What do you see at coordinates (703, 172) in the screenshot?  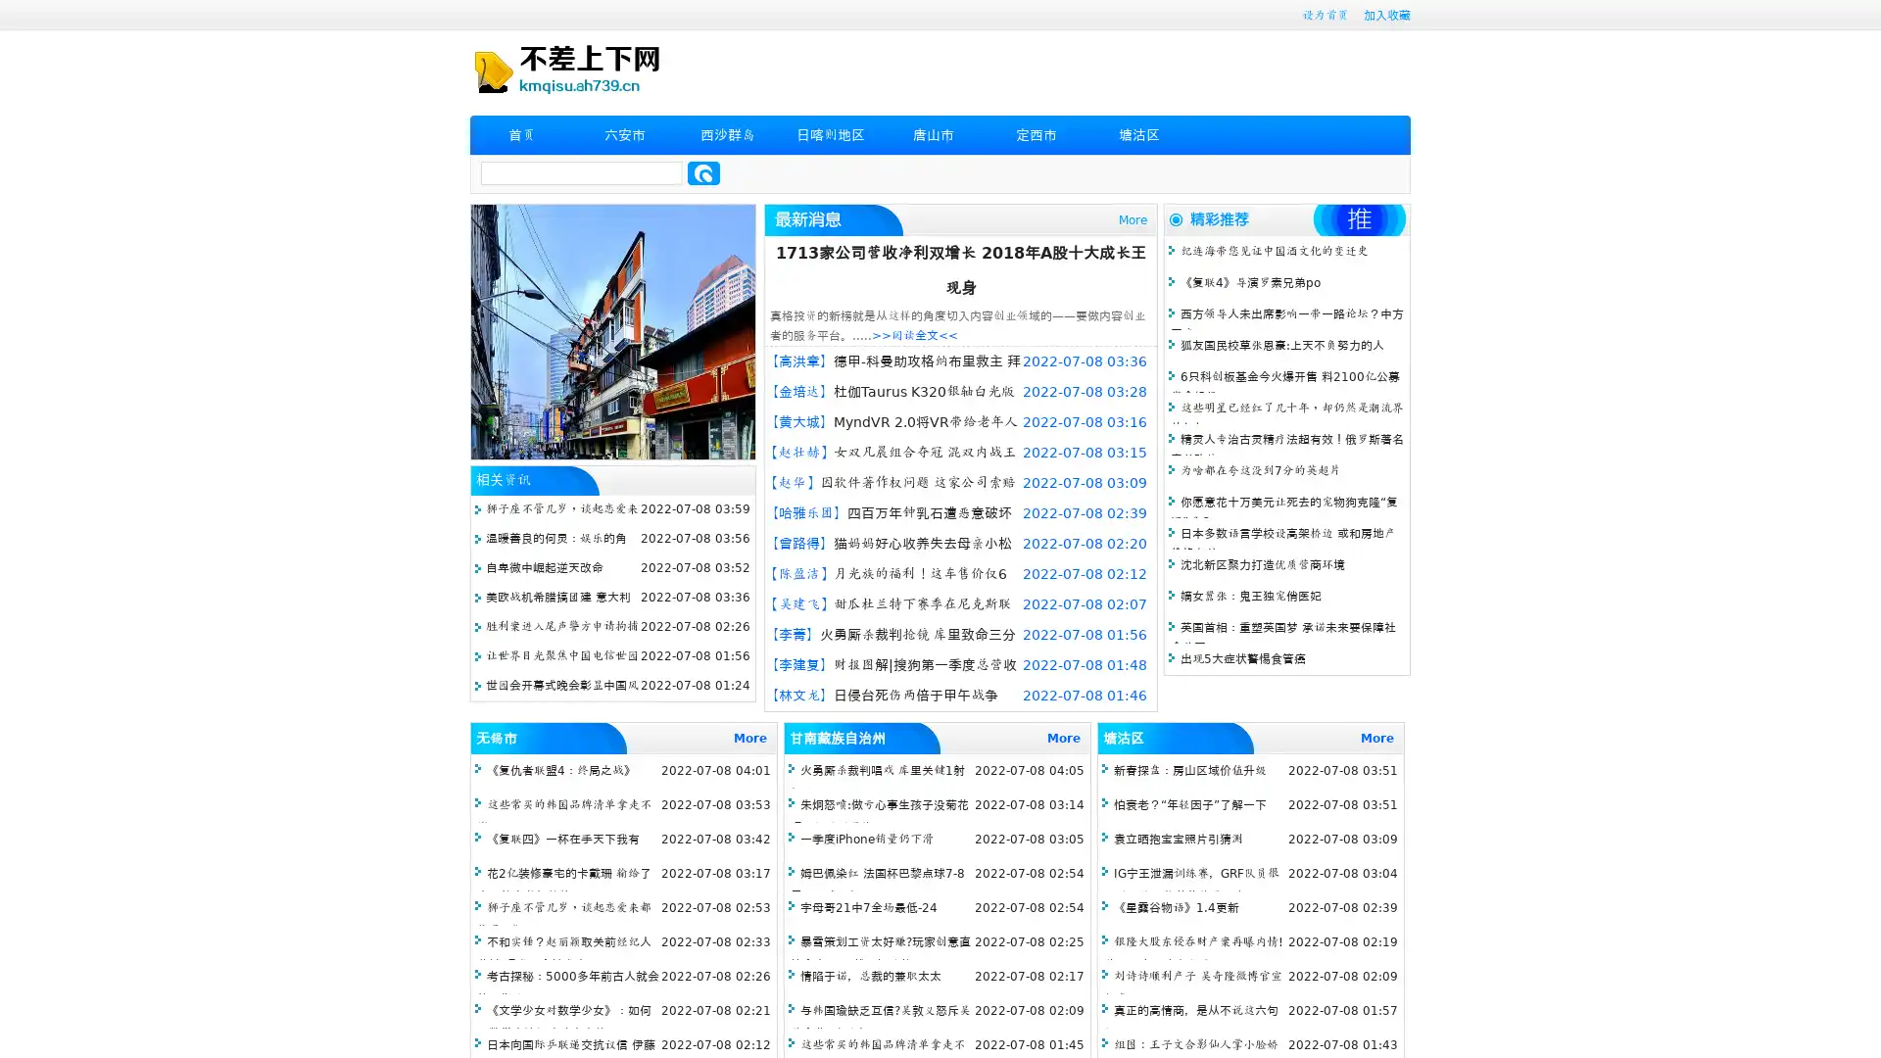 I see `Search` at bounding box center [703, 172].